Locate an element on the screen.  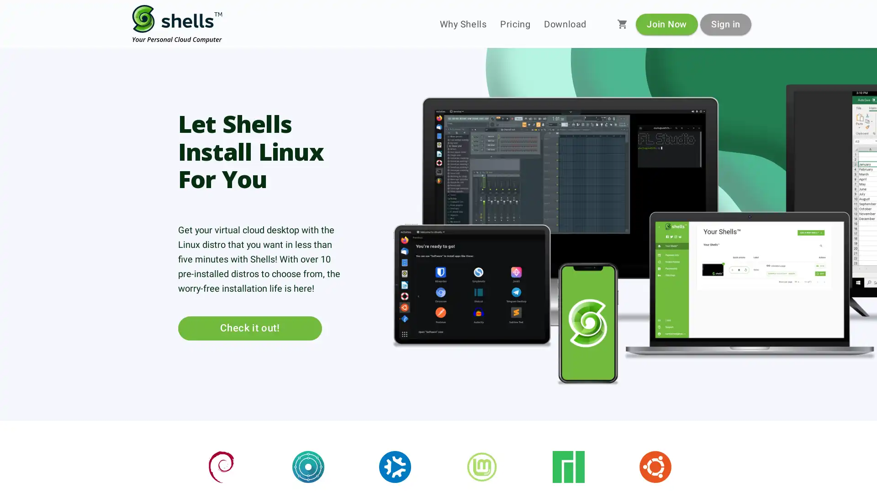
Join Now is located at coordinates (666, 23).